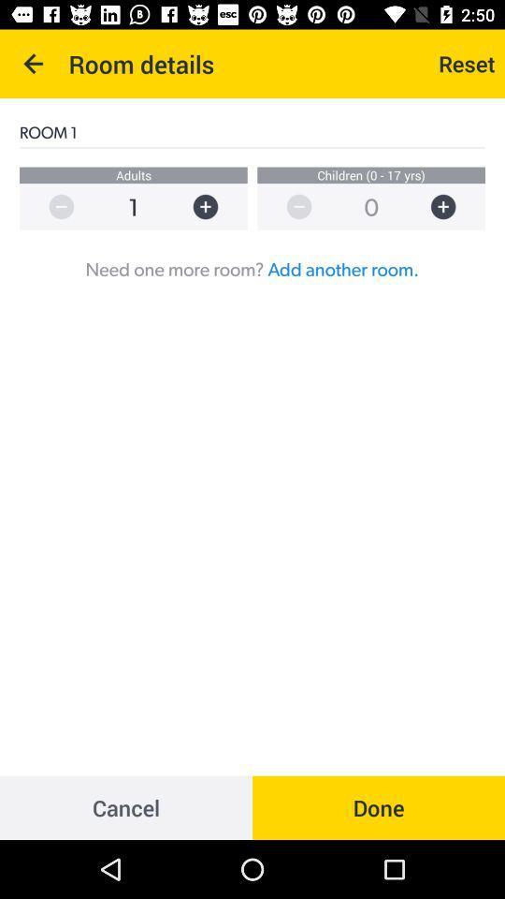 This screenshot has width=505, height=899. I want to click on the zoom_out icon, so click(290, 207).